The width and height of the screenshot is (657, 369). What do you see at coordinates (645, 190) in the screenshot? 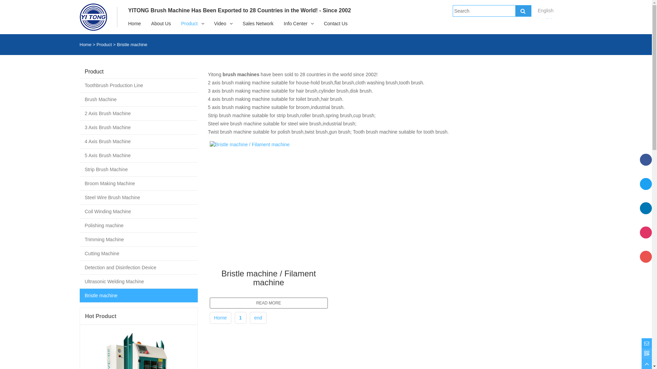
I see `'twitter'` at bounding box center [645, 190].